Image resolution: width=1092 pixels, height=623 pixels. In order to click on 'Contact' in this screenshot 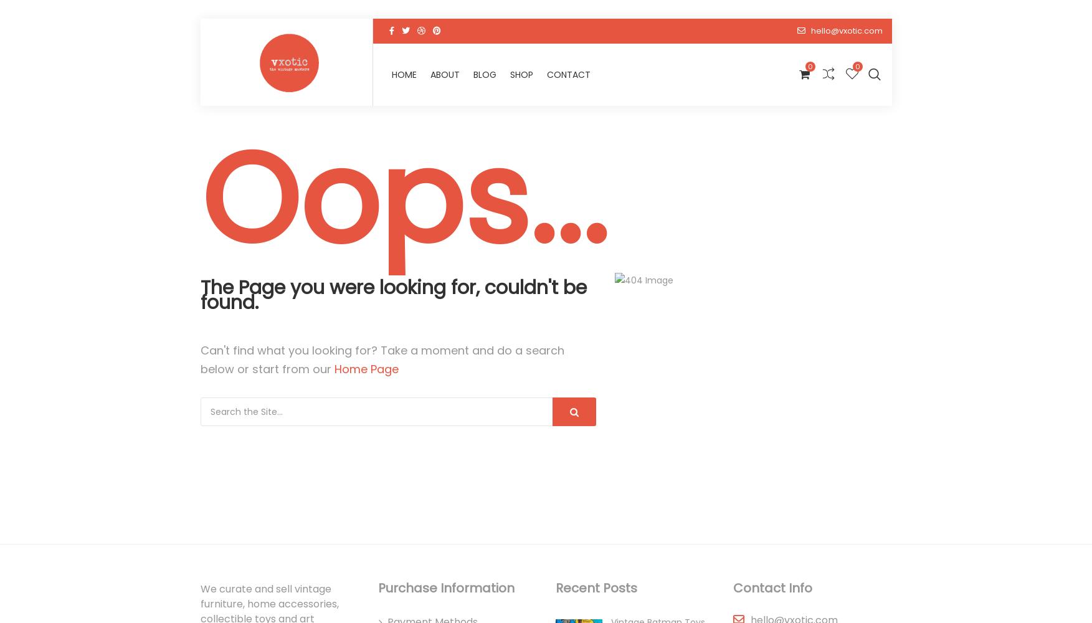, I will do `click(810, 77)`.